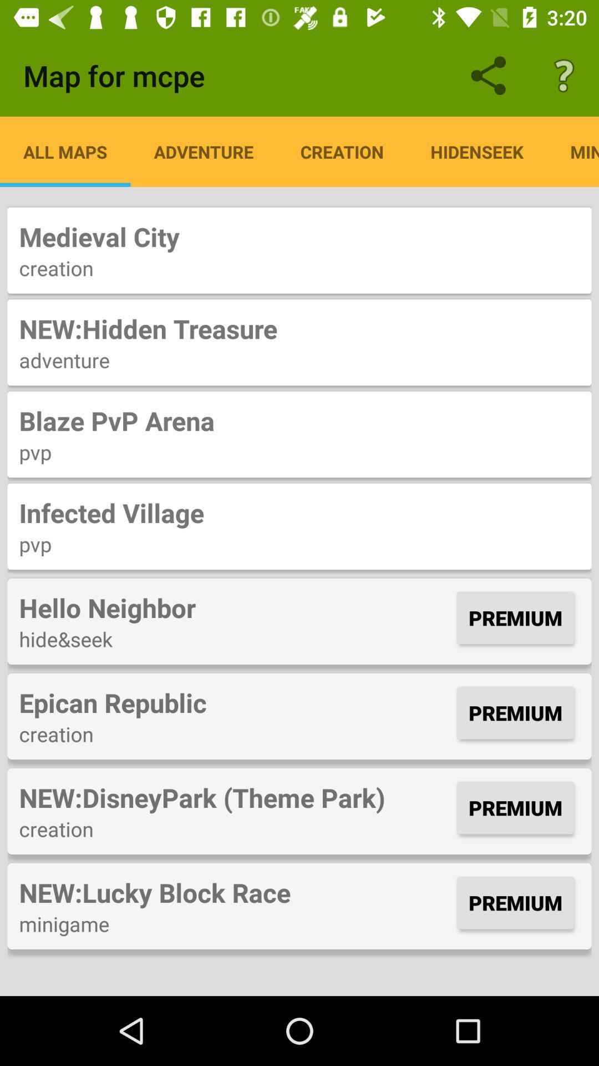 This screenshot has width=599, height=1066. What do you see at coordinates (65, 151) in the screenshot?
I see `the item below the map for mcpe` at bounding box center [65, 151].